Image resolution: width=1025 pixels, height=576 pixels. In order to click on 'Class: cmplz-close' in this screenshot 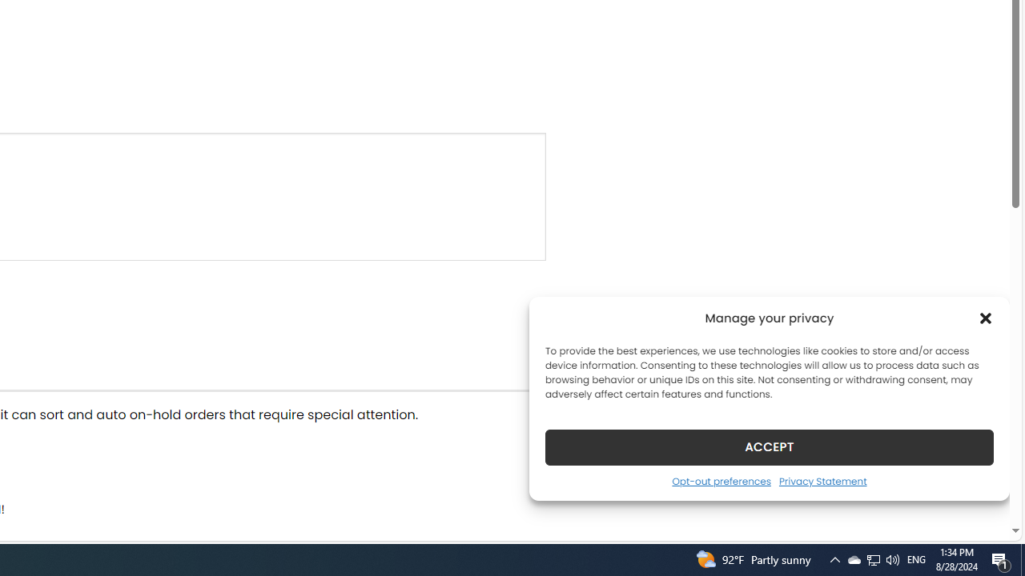, I will do `click(985, 318)`.